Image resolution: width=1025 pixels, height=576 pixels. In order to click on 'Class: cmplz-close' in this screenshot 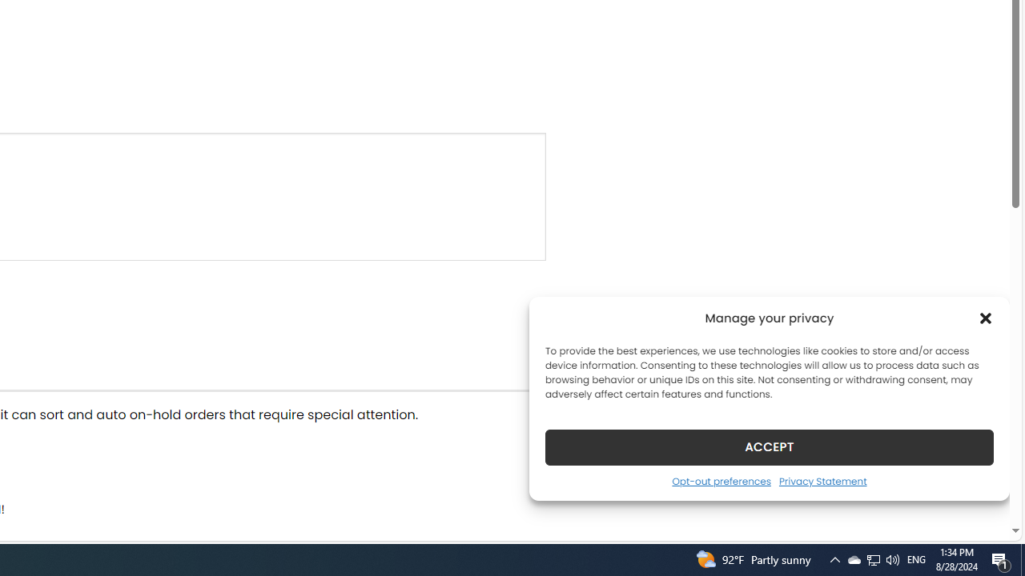, I will do `click(985, 318)`.